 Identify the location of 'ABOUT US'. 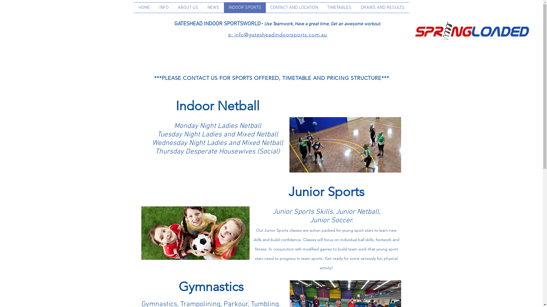
(173, 8).